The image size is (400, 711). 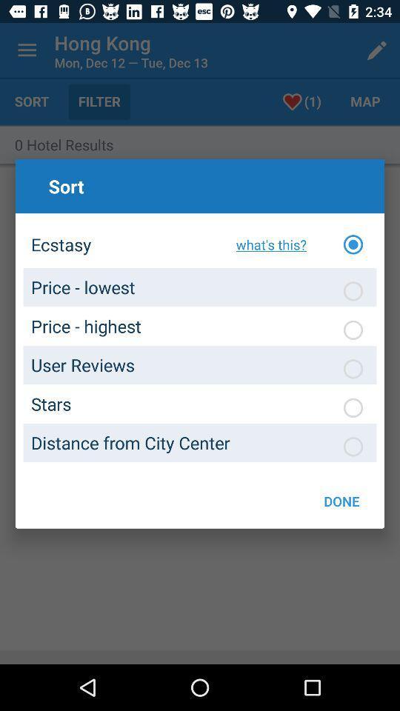 I want to click on what's this? item, so click(x=267, y=244).